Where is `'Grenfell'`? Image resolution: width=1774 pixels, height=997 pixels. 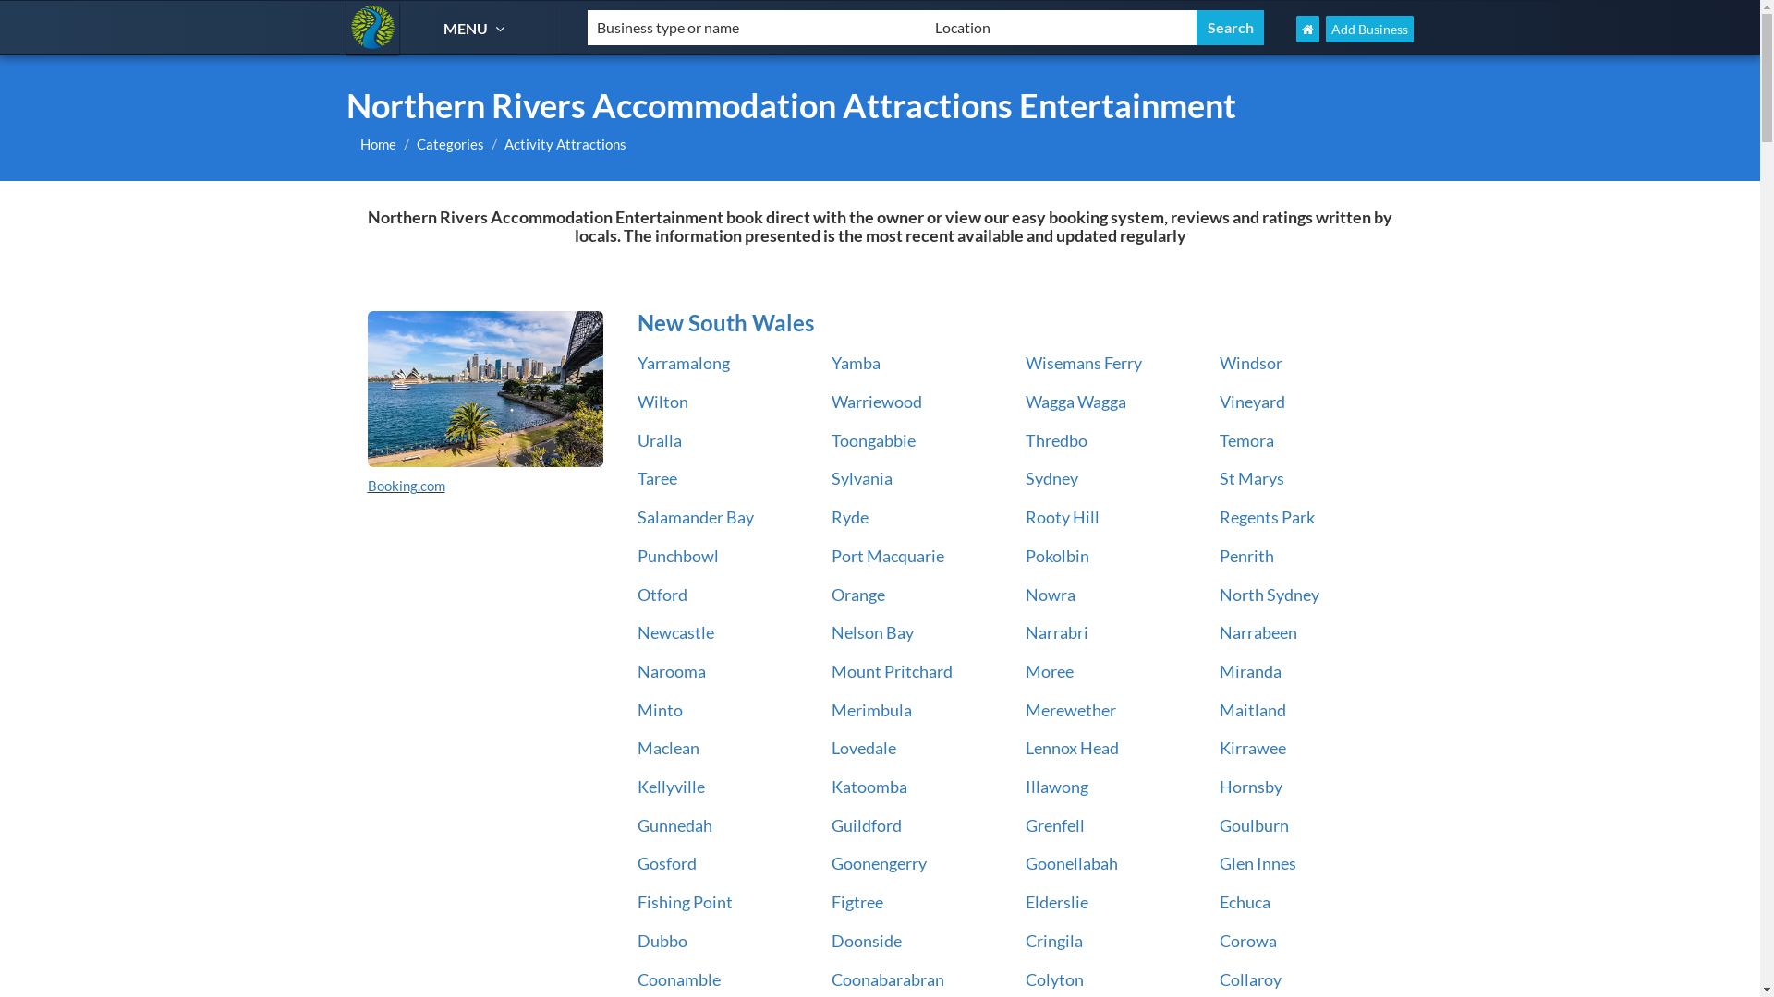
'Grenfell' is located at coordinates (1024, 824).